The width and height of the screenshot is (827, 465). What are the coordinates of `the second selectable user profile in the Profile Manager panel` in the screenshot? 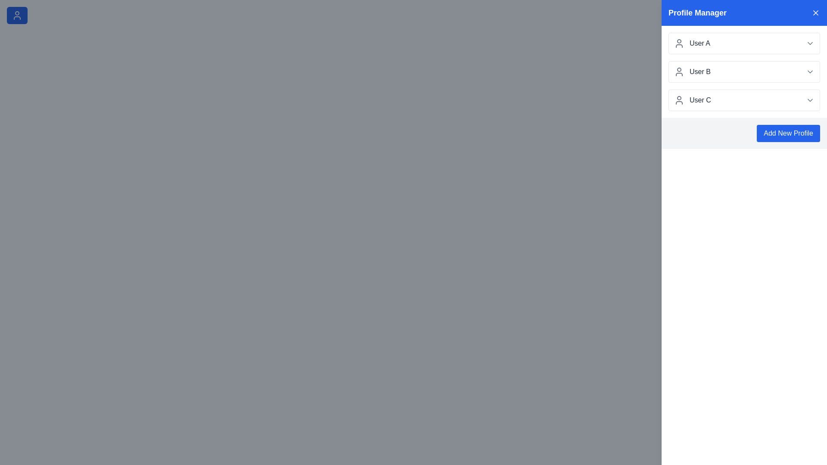 It's located at (744, 71).